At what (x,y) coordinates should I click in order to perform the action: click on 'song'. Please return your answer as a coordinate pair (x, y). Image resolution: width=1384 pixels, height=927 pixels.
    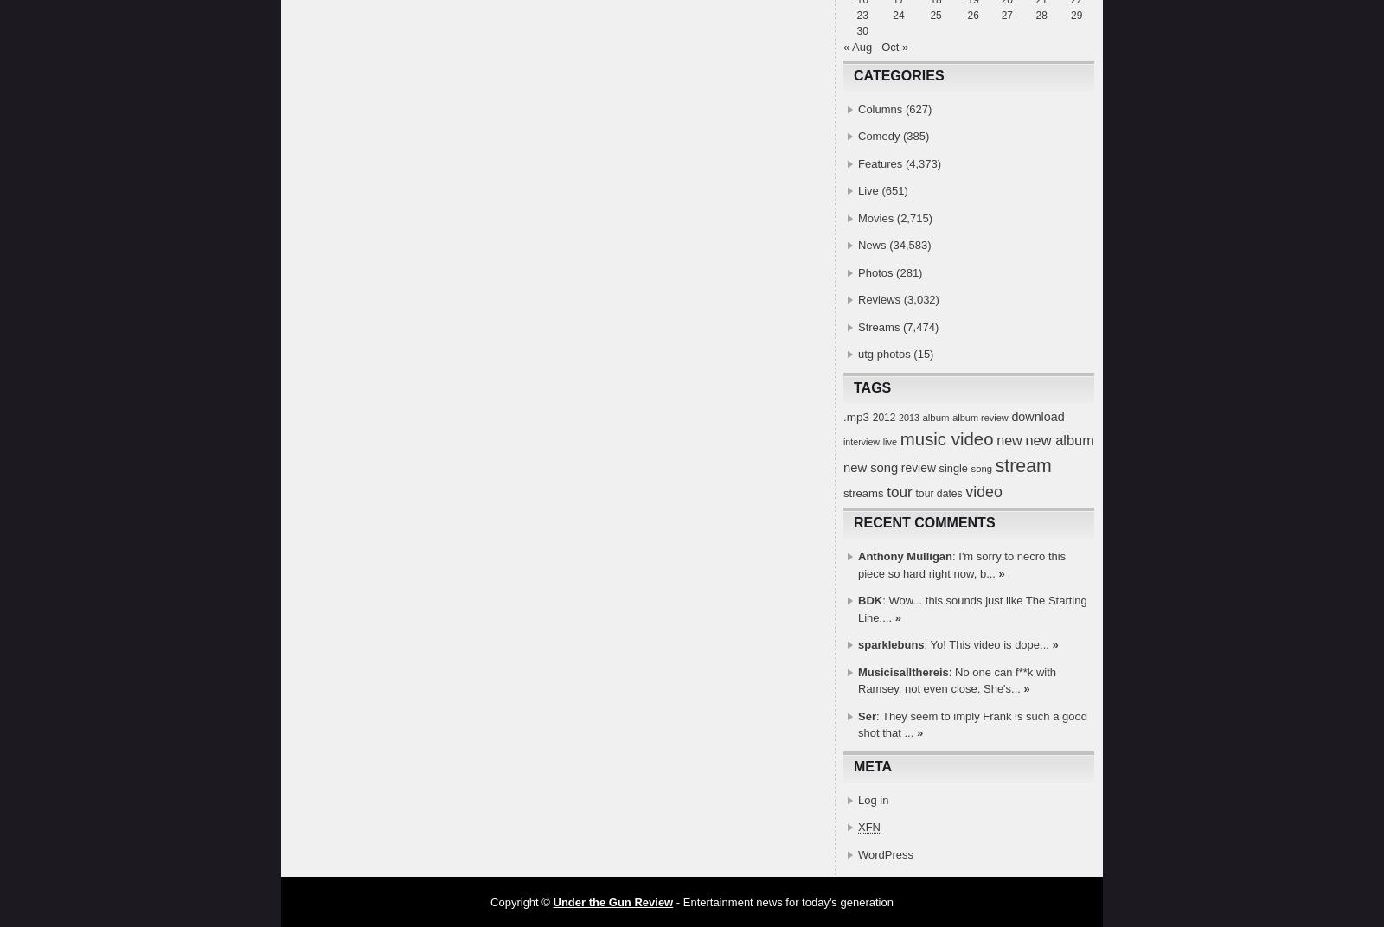
    Looking at the image, I should click on (971, 467).